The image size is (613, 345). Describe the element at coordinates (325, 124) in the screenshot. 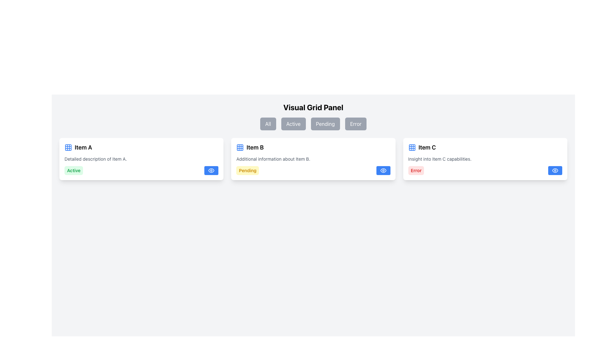

I see `the 'Pending' button, which is the third button in a group of four buttons labeled 'All', 'Active', 'Pending', and 'Error'. This button filters the view` at that location.